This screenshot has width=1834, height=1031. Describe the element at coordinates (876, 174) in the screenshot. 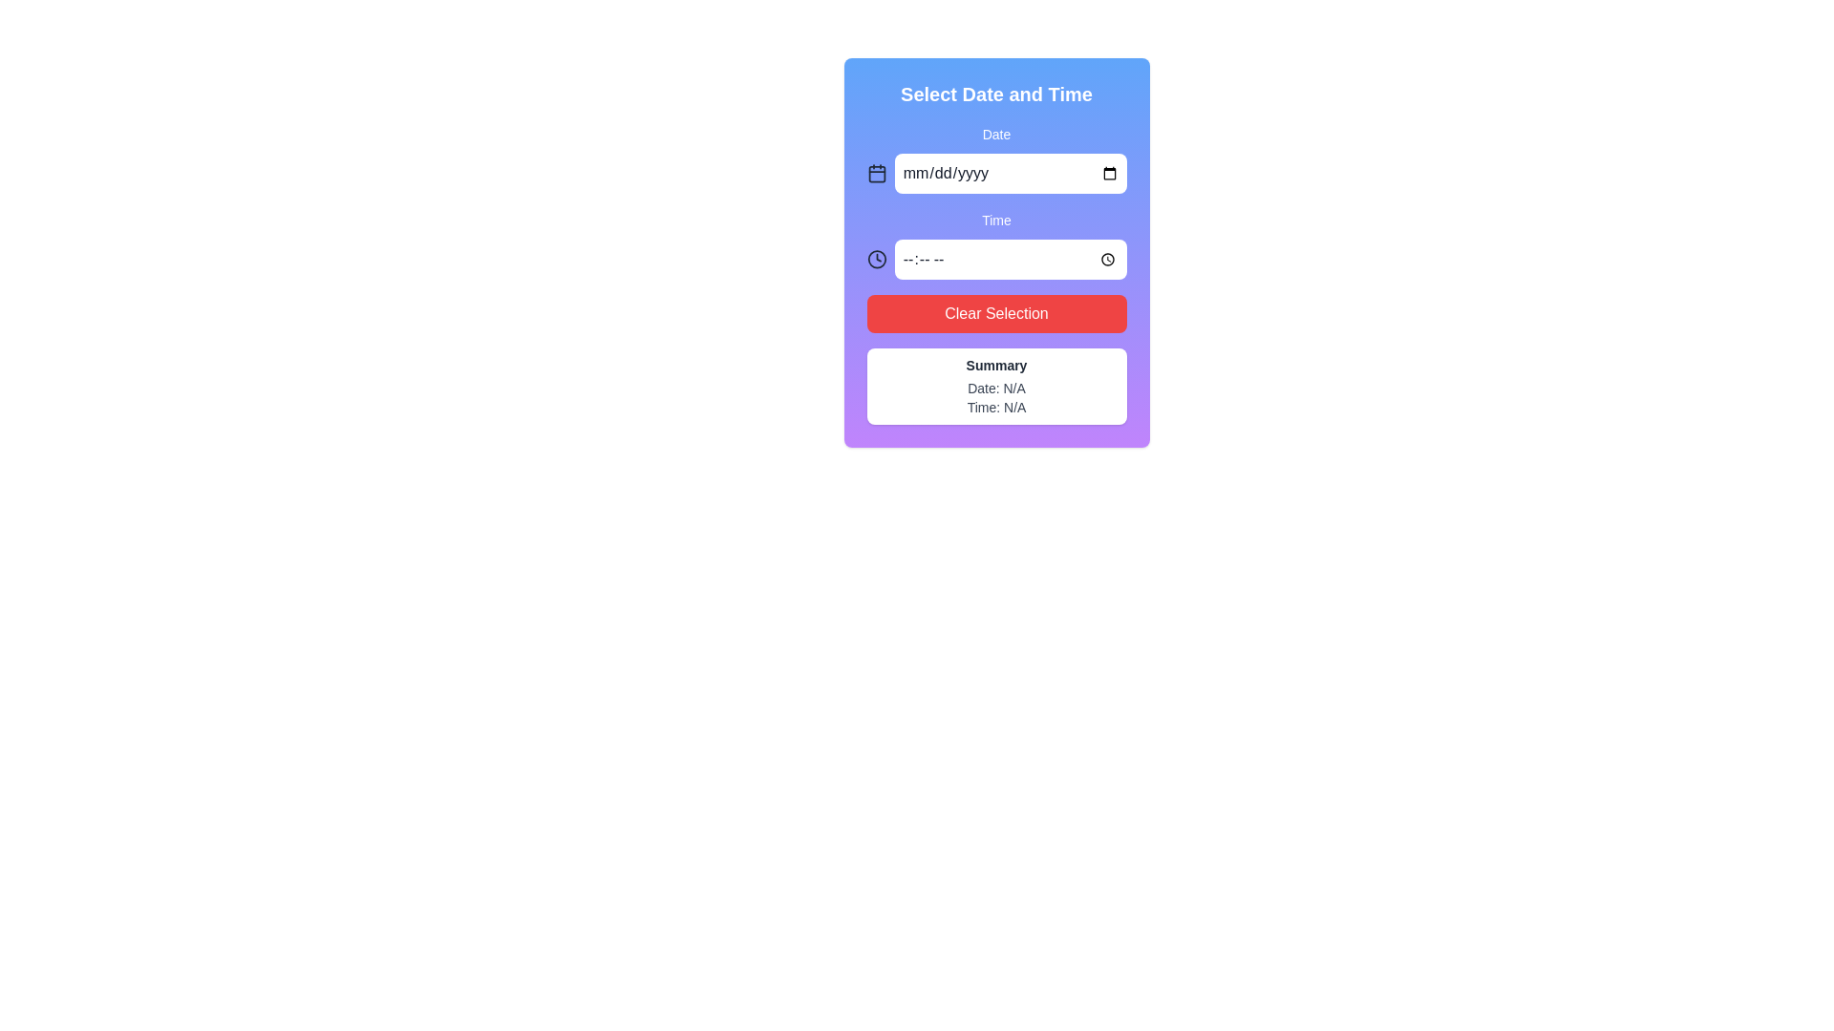

I see `the SVG Rectangle Component that represents the calendar feature, located before the 'mm/dd/yyyy' input field` at that location.